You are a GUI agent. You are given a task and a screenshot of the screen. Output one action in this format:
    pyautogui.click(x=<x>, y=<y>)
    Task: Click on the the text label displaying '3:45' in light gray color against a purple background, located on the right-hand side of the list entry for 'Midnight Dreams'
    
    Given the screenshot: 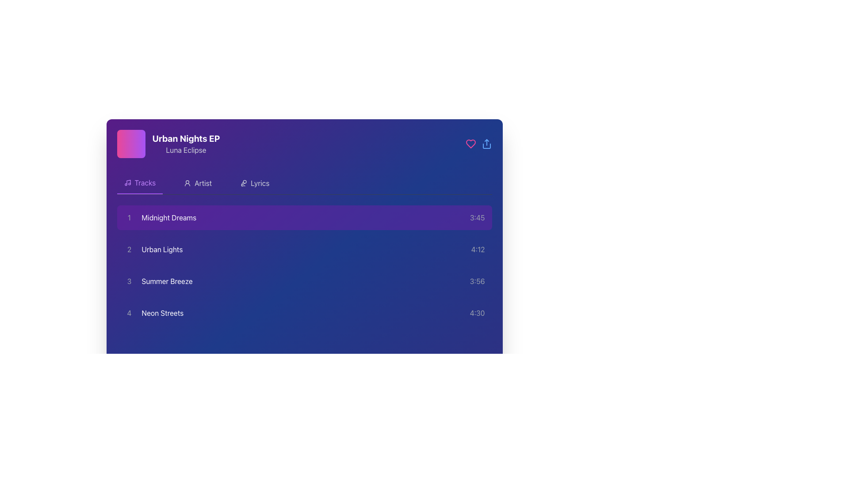 What is the action you would take?
    pyautogui.click(x=477, y=218)
    